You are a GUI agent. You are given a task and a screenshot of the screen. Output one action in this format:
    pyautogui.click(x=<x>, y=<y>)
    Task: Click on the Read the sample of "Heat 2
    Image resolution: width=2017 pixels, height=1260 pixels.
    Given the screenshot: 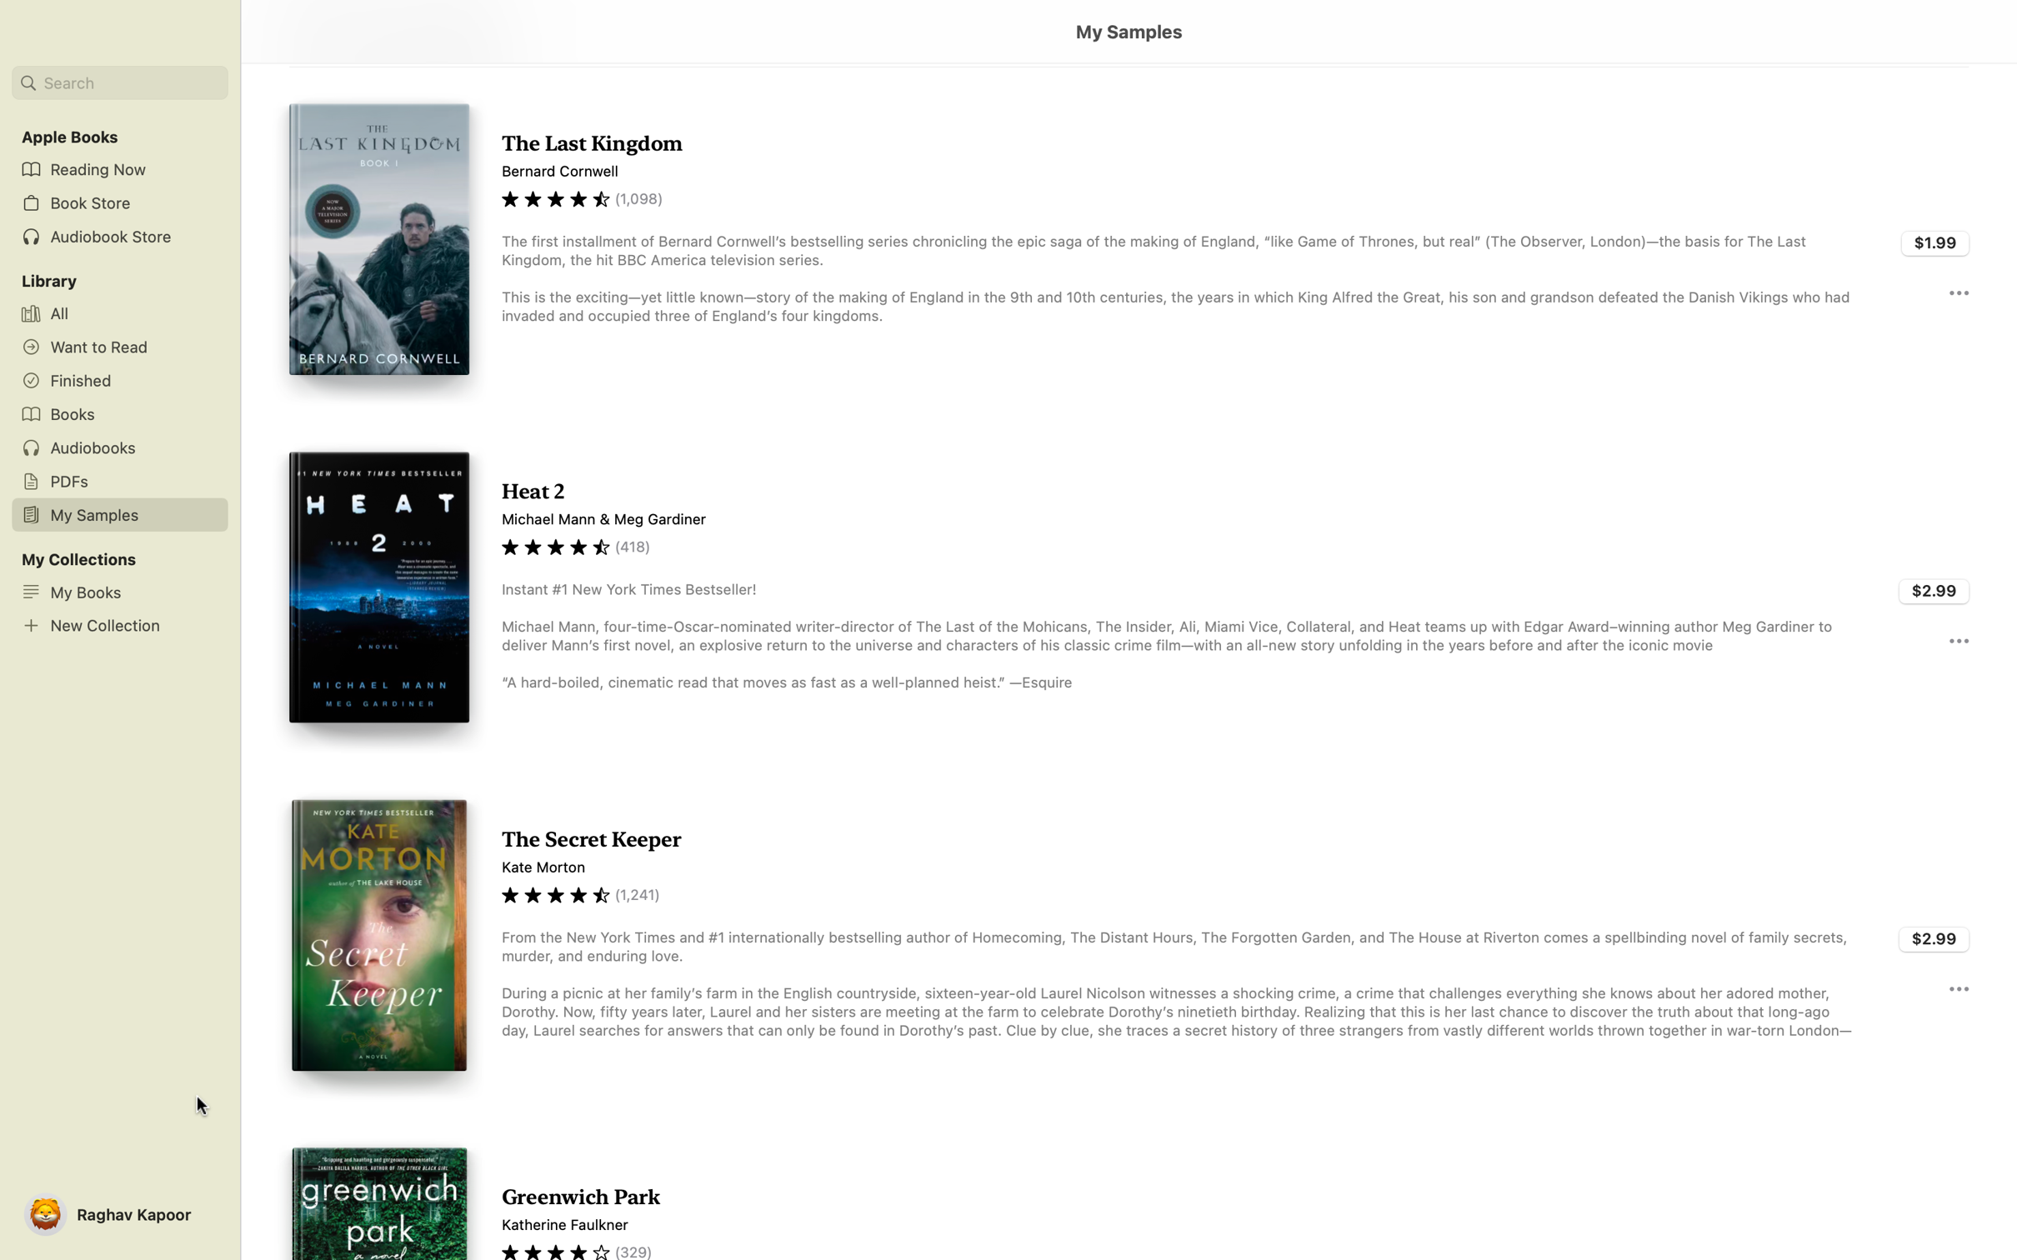 What is the action you would take?
    pyautogui.click(x=1128, y=594)
    